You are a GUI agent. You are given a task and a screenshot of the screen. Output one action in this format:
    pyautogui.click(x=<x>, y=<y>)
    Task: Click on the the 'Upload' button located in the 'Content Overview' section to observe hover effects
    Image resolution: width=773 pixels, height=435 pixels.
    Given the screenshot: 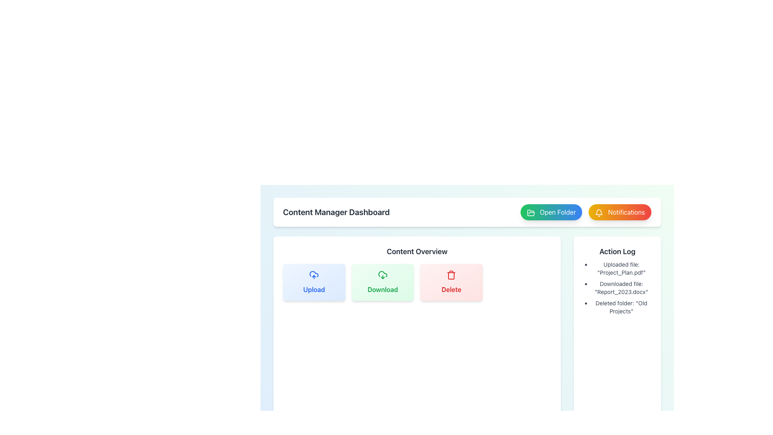 What is the action you would take?
    pyautogui.click(x=314, y=282)
    